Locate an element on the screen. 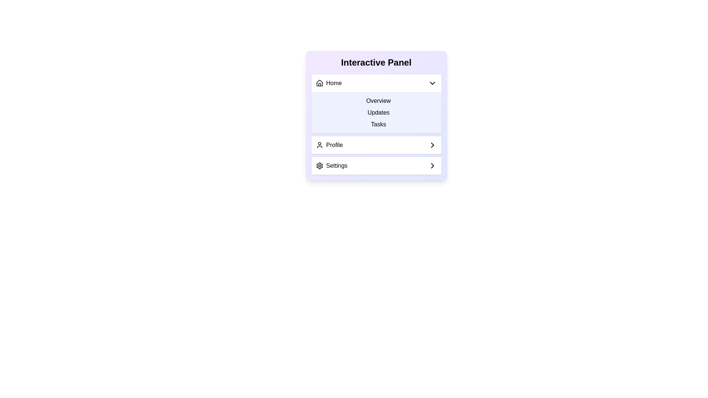 This screenshot has width=708, height=398. the 'Tasks' text label, which is styled with padding and a hover effect is located at coordinates (378, 124).